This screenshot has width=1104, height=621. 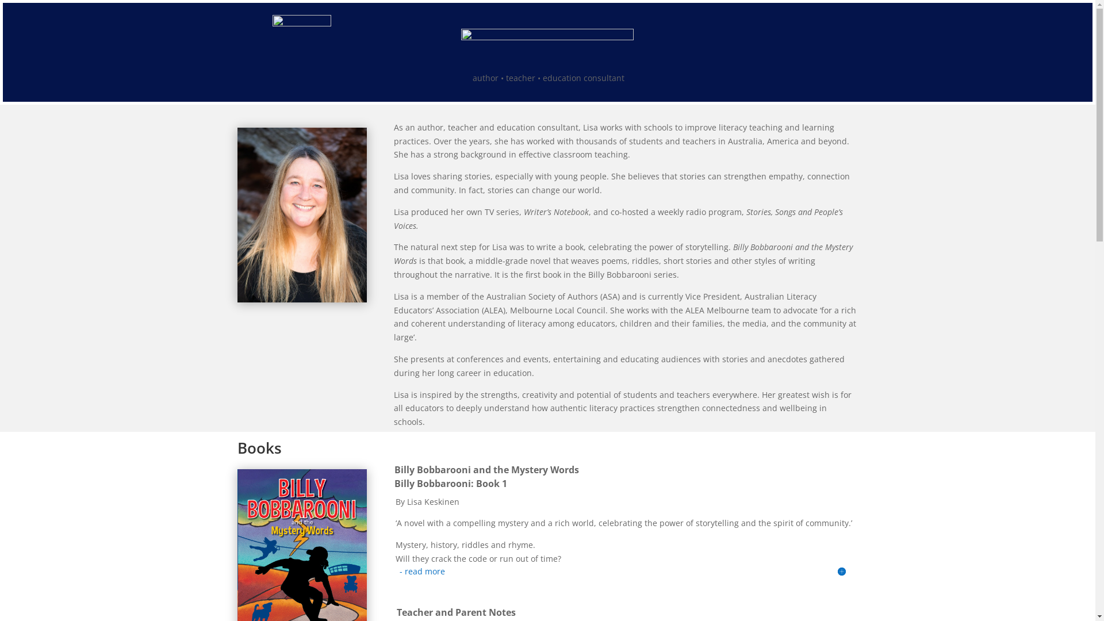 I want to click on 'lisa keskinen', so click(x=301, y=215).